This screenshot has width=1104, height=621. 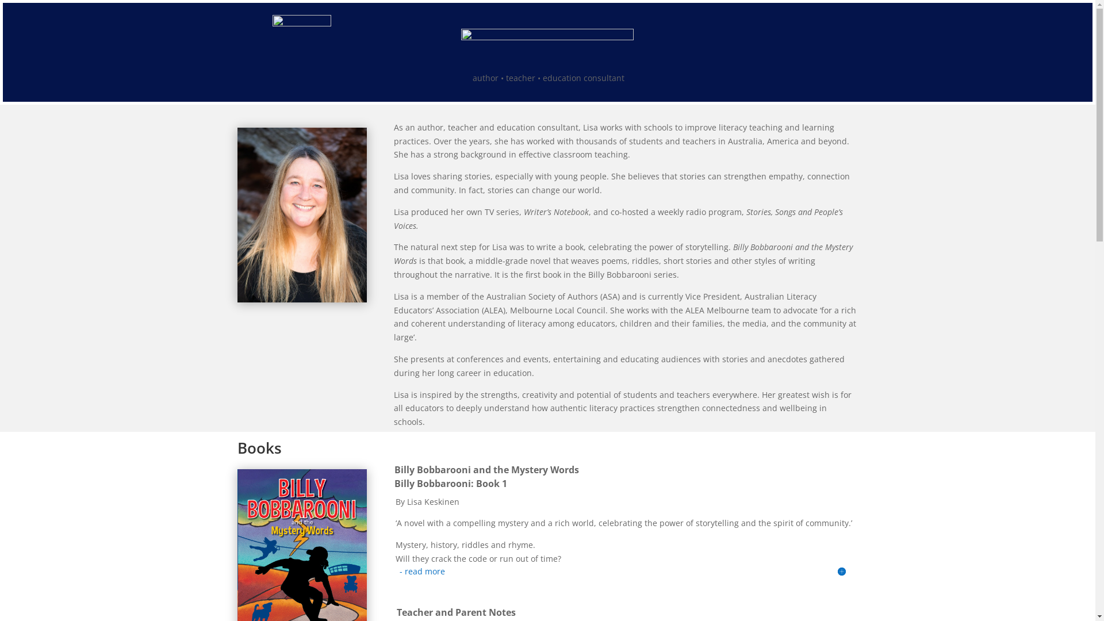 I want to click on 'lisa keskinen', so click(x=301, y=215).